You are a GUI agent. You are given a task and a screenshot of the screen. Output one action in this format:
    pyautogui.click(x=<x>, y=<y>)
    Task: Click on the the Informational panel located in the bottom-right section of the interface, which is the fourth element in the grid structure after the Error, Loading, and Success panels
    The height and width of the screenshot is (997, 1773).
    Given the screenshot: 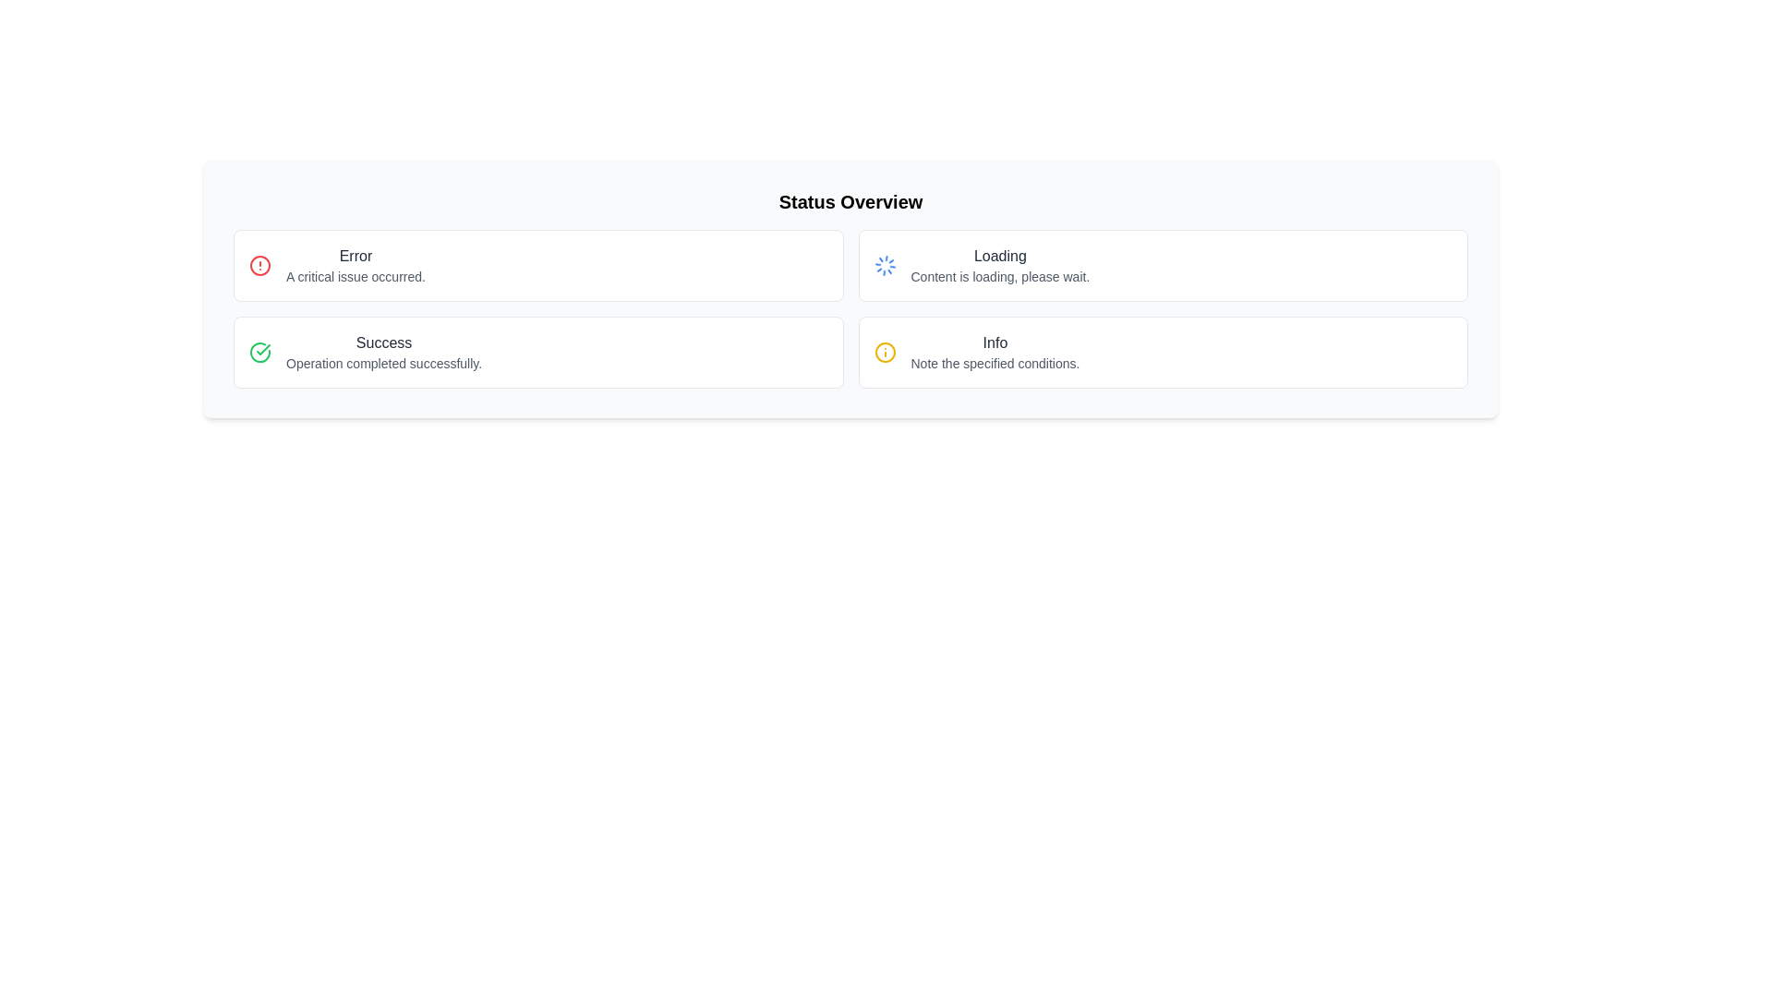 What is the action you would take?
    pyautogui.click(x=1162, y=352)
    